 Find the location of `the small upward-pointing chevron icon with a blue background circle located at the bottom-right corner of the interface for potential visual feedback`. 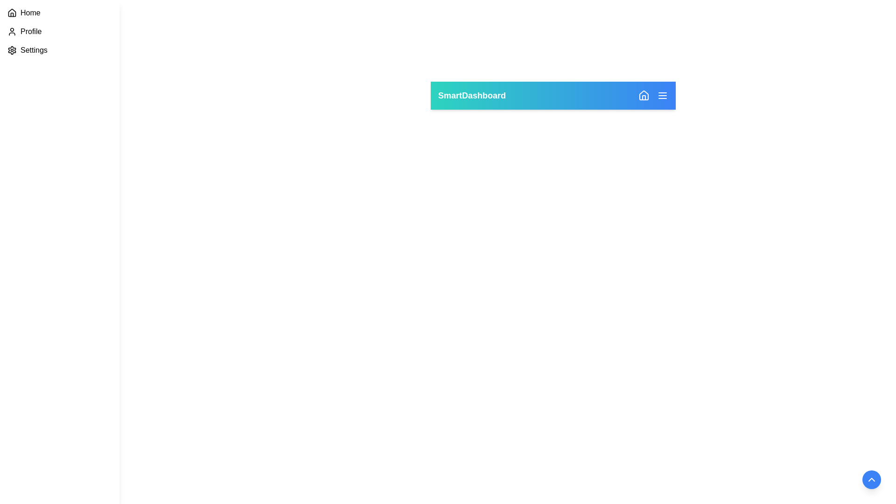

the small upward-pointing chevron icon with a blue background circle located at the bottom-right corner of the interface for potential visual feedback is located at coordinates (871, 480).